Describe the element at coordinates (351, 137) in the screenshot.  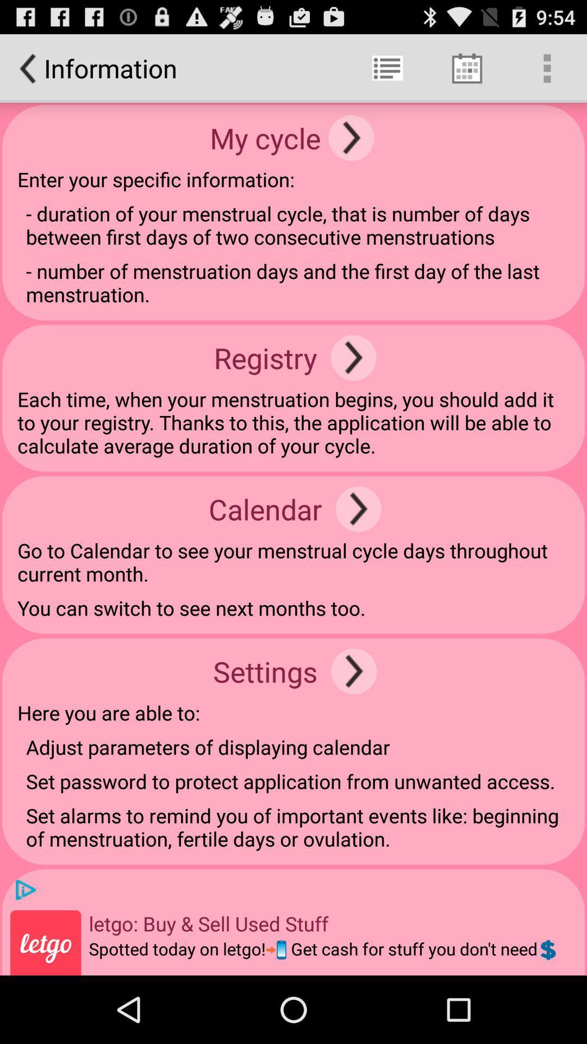
I see `next page` at that location.